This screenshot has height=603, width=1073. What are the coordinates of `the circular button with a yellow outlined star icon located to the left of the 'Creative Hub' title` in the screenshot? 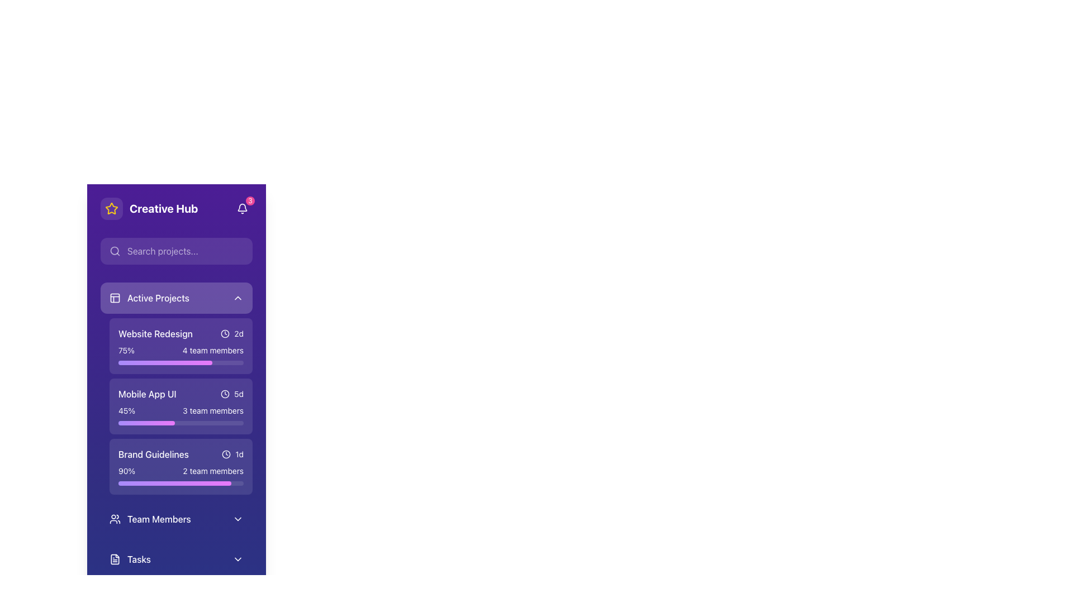 It's located at (112, 209).